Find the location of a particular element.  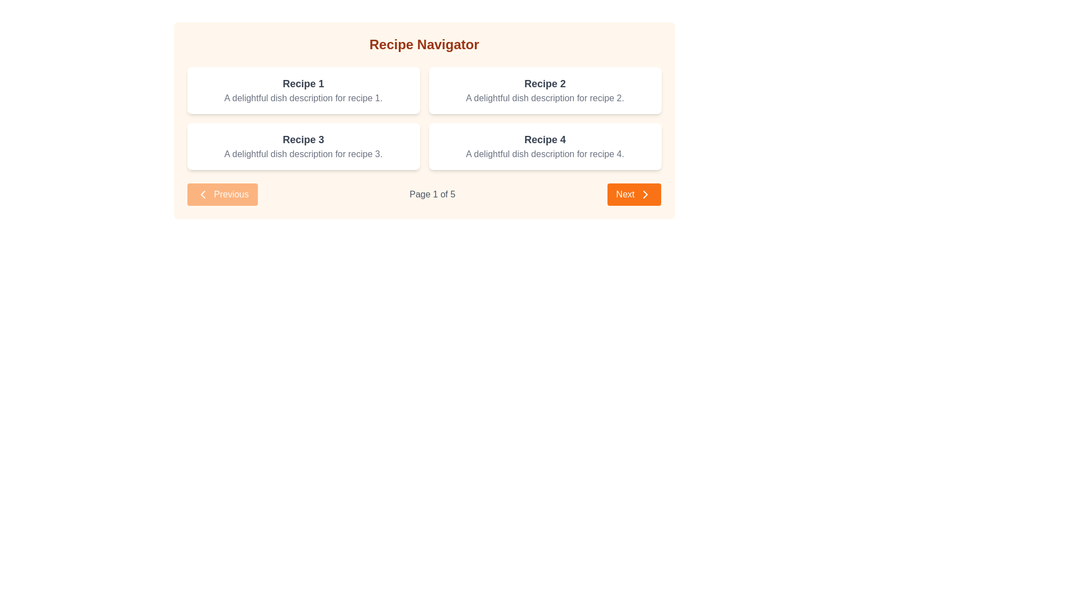

the text label displaying 'Recipe 2', which is styled in bold and medium gray, located in the upper half of the second recipe card within the 'Recipe Navigator' interface is located at coordinates (545, 83).